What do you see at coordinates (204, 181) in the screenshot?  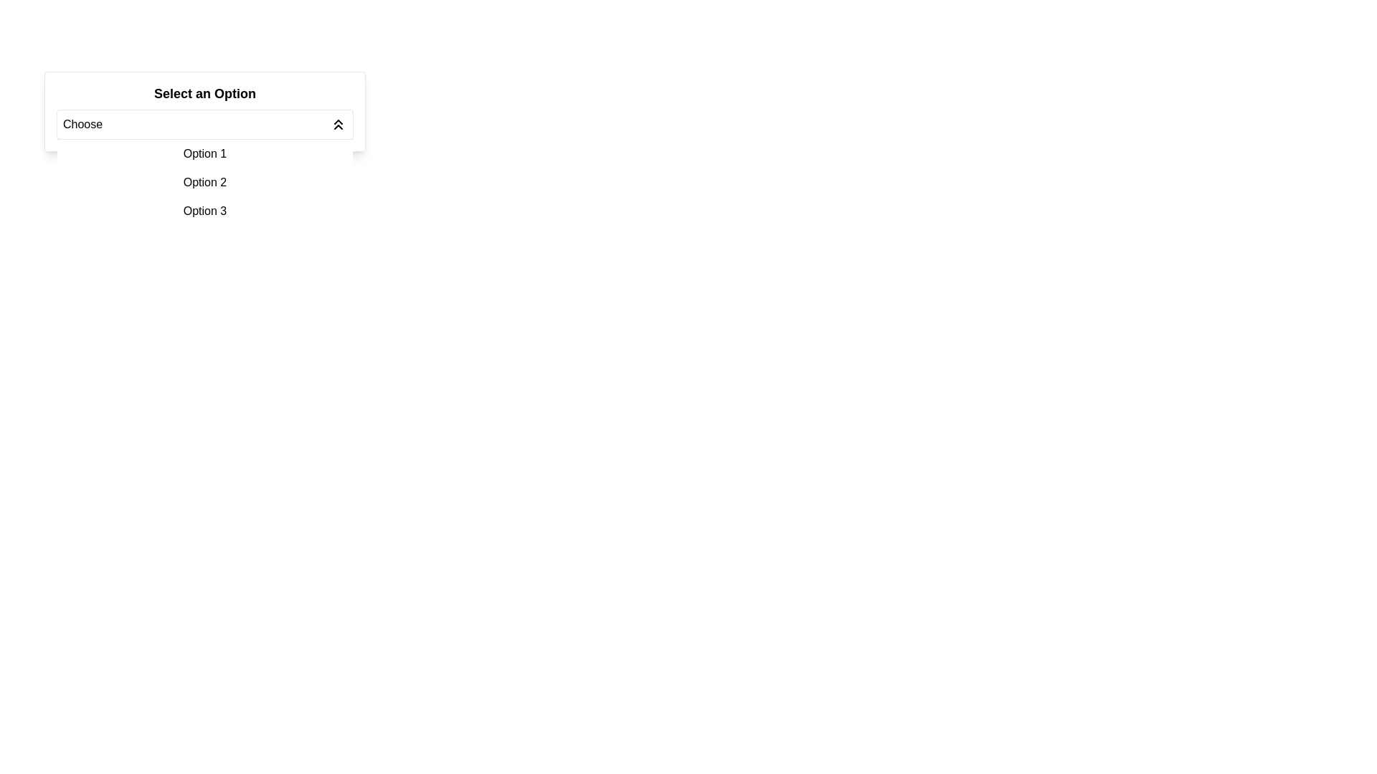 I see `the 'Option 2' text label within the dropdown menu` at bounding box center [204, 181].